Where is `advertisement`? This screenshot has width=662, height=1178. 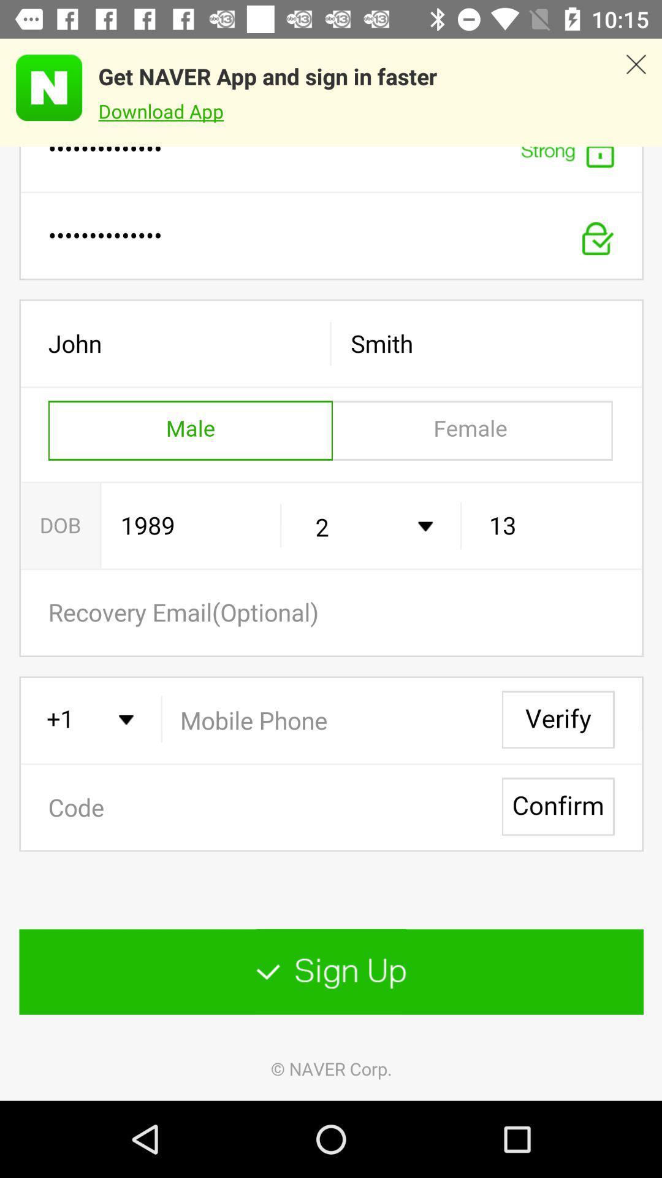
advertisement is located at coordinates (635, 92).